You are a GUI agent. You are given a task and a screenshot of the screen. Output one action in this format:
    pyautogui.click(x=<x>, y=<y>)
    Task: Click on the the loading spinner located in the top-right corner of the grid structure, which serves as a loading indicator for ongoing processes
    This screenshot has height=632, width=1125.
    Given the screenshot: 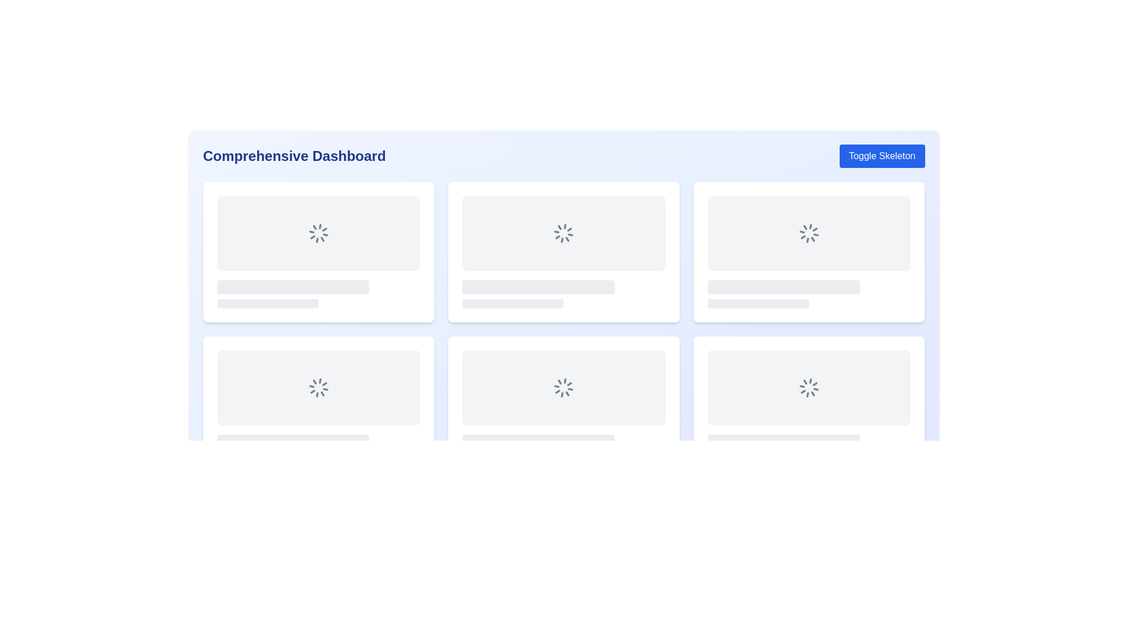 What is the action you would take?
    pyautogui.click(x=809, y=233)
    